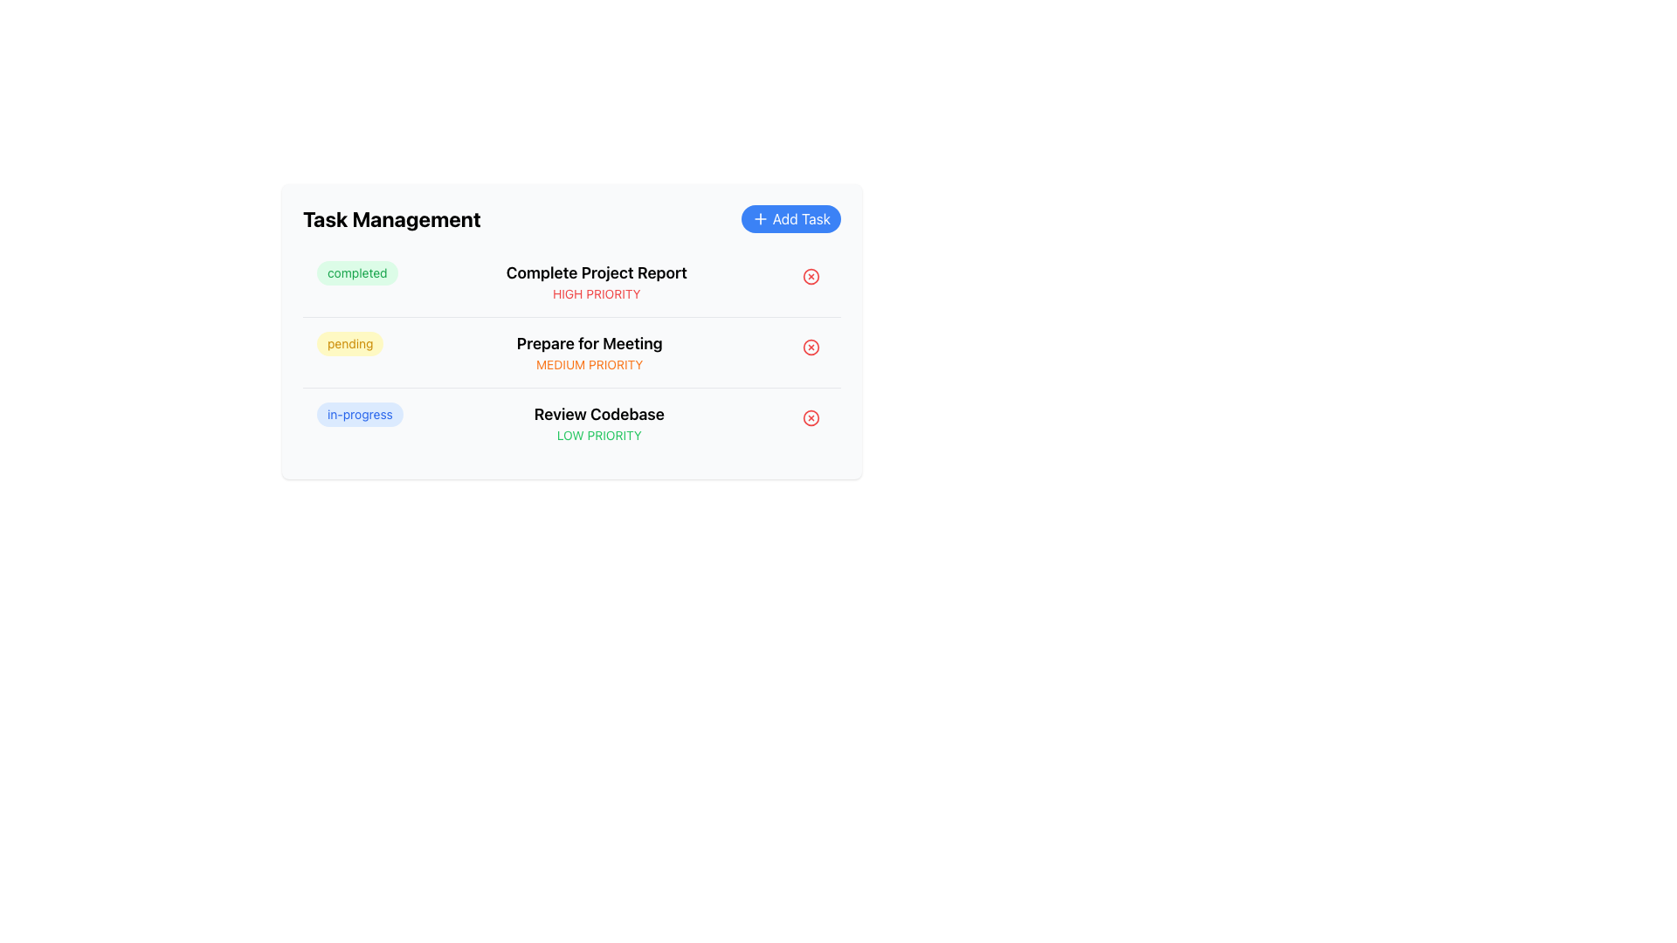 This screenshot has width=1677, height=943. What do you see at coordinates (590, 343) in the screenshot?
I see `the Text Label that serves as the title for a task item within the 'Task Management' interface, located in the middle entry of a three-item list under the 'pending' category` at bounding box center [590, 343].